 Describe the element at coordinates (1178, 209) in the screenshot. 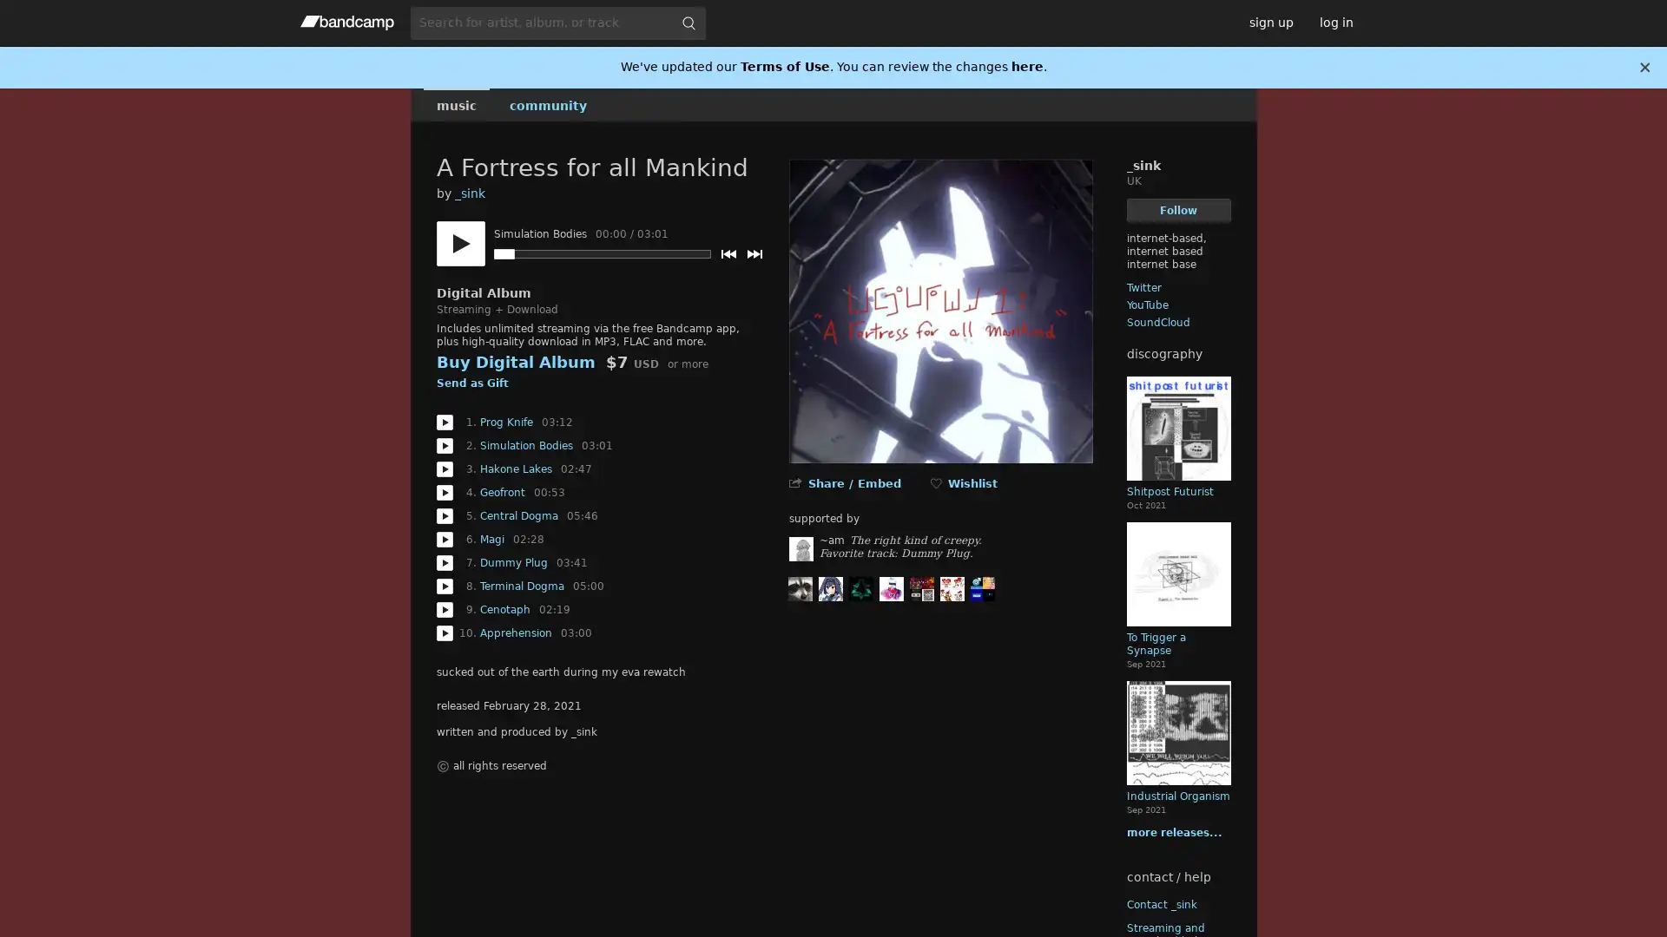

I see `Follow` at that location.